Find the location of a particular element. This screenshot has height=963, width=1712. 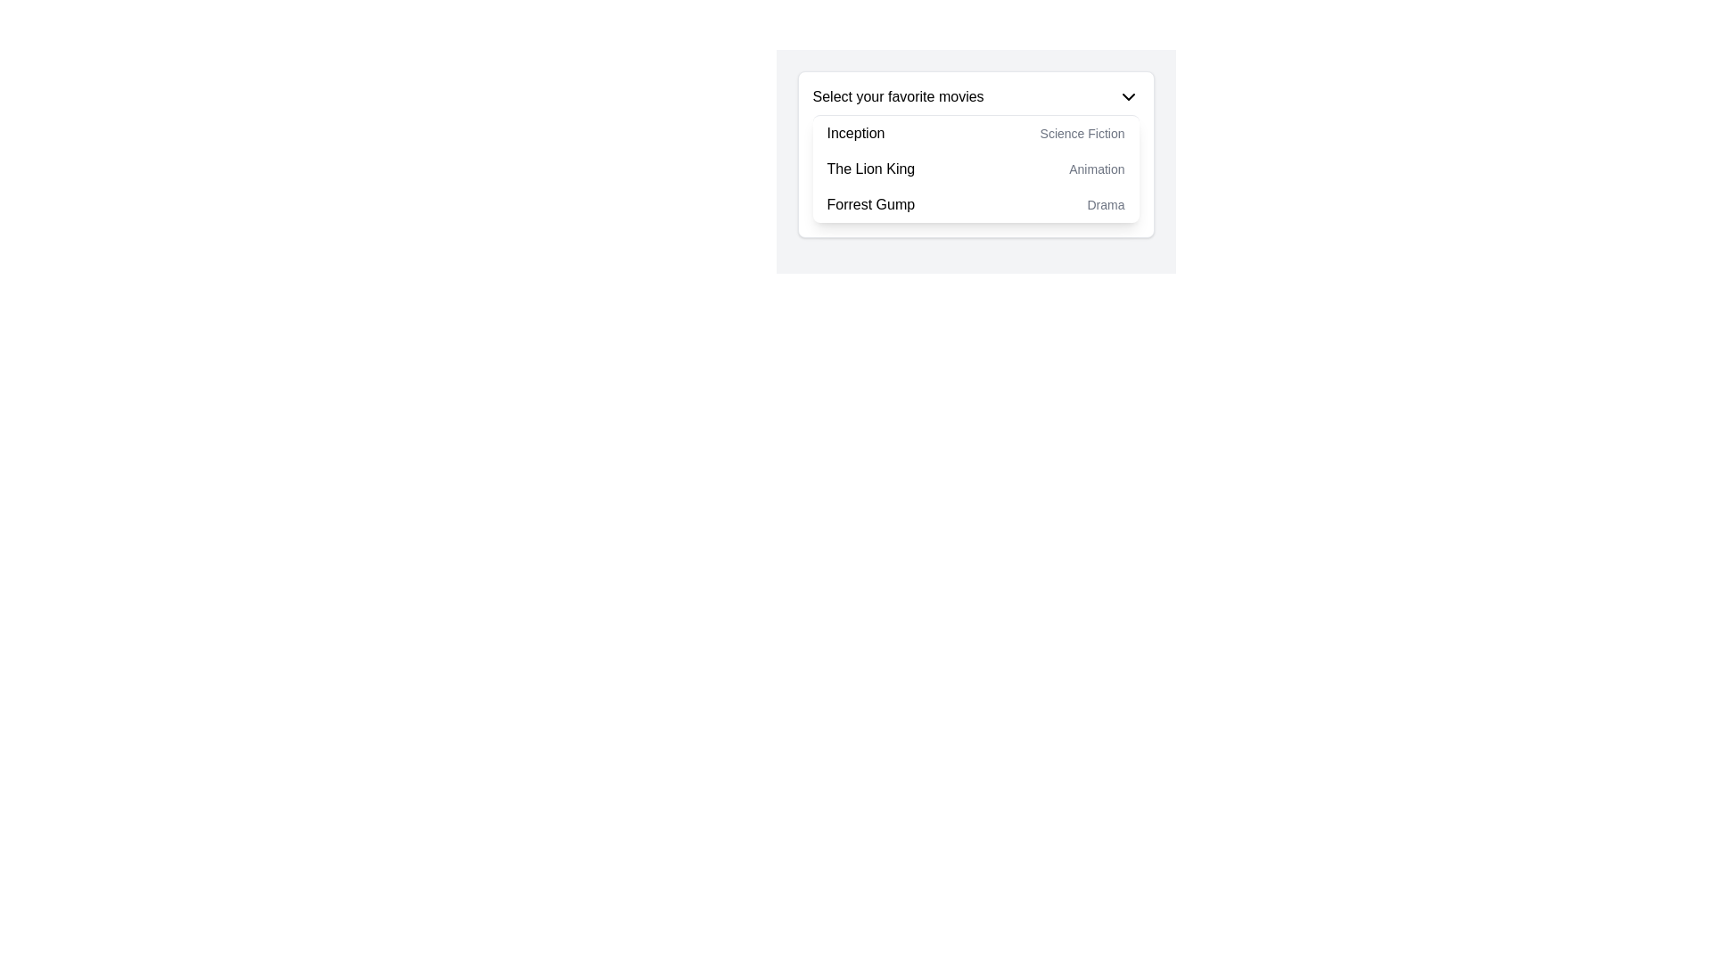

the text element displaying 'Science Fiction', which is styled in a smaller gray font and aligned to the right within the dropdown list under 'Select your favorite movies' is located at coordinates (1082, 133).